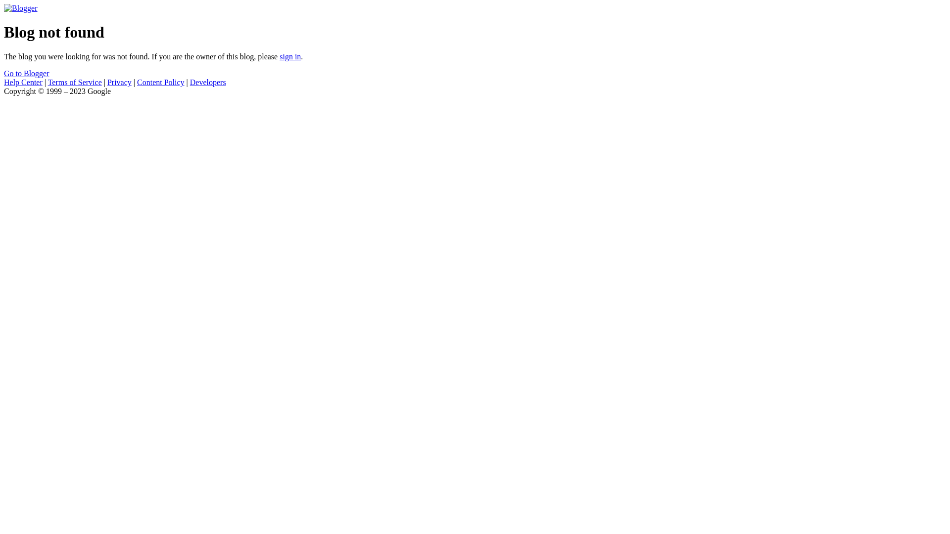 This screenshot has height=534, width=950. Describe the element at coordinates (74, 82) in the screenshot. I see `'Terms of Service'` at that location.